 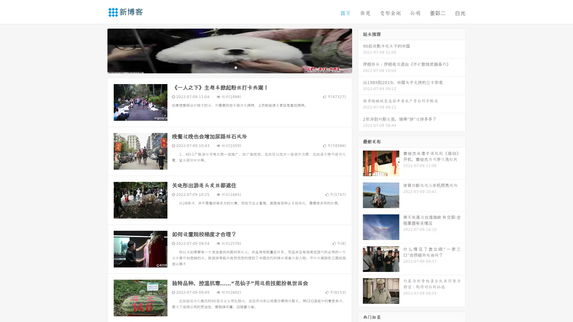 What do you see at coordinates (229, 67) in the screenshot?
I see `Go to slide 2` at bounding box center [229, 67].